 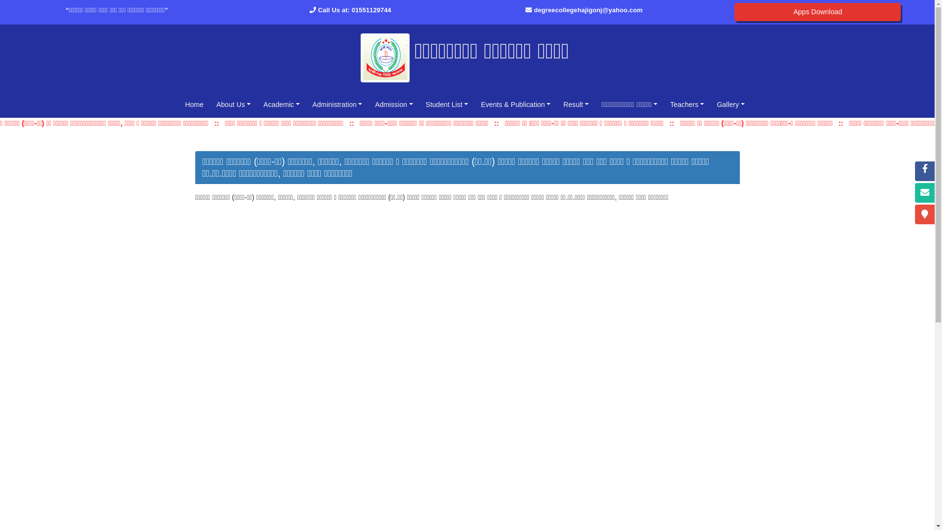 I want to click on 'Academic', so click(x=281, y=104).